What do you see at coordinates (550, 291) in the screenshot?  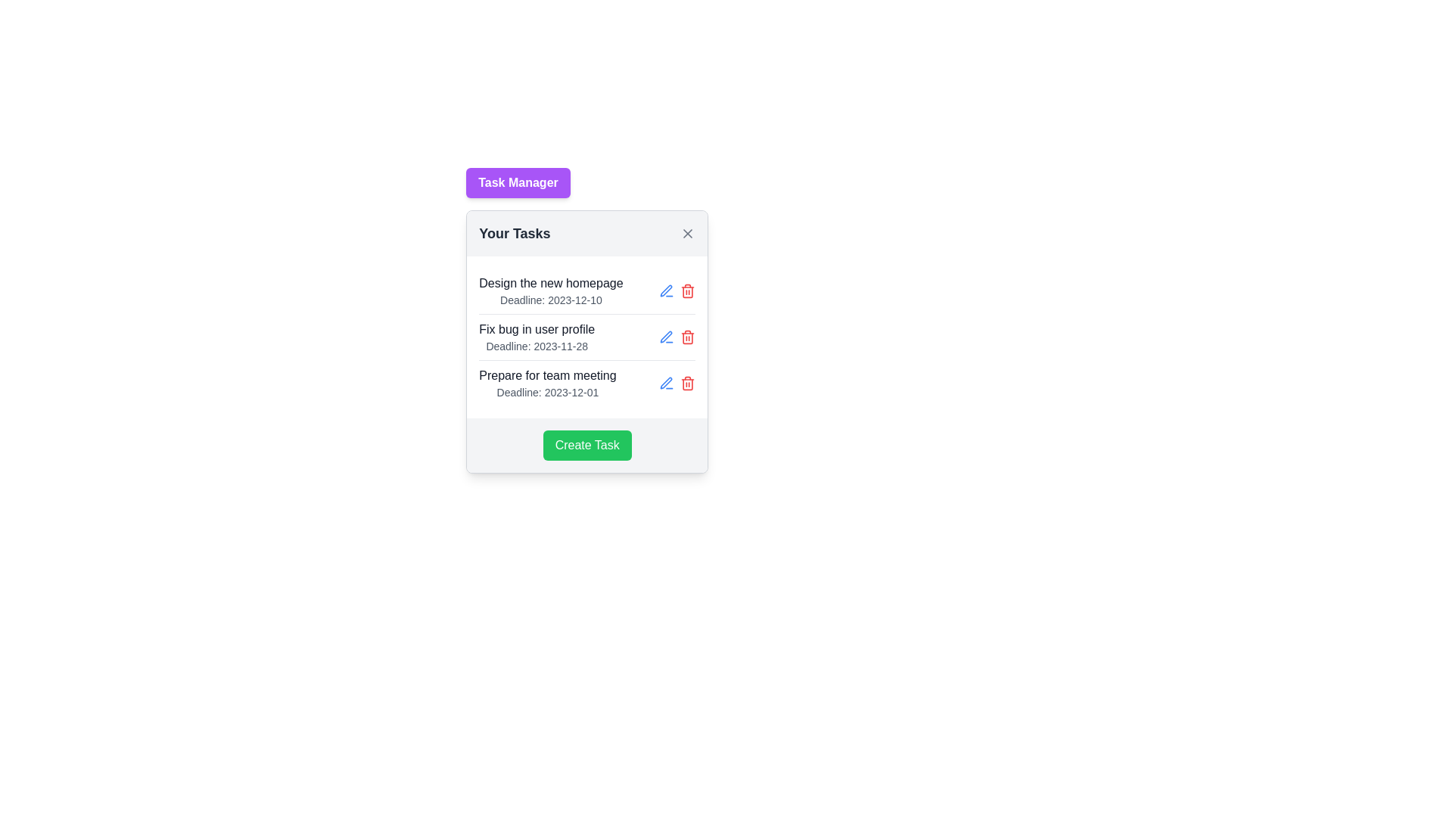 I see `the topmost task item` at bounding box center [550, 291].